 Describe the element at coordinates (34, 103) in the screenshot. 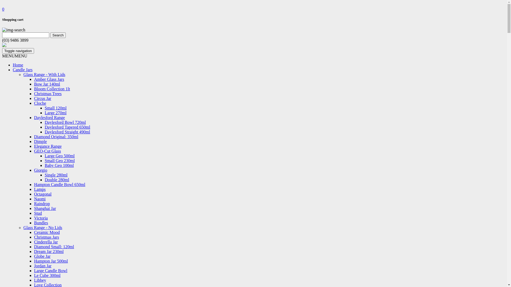

I see `'Cloche'` at that location.